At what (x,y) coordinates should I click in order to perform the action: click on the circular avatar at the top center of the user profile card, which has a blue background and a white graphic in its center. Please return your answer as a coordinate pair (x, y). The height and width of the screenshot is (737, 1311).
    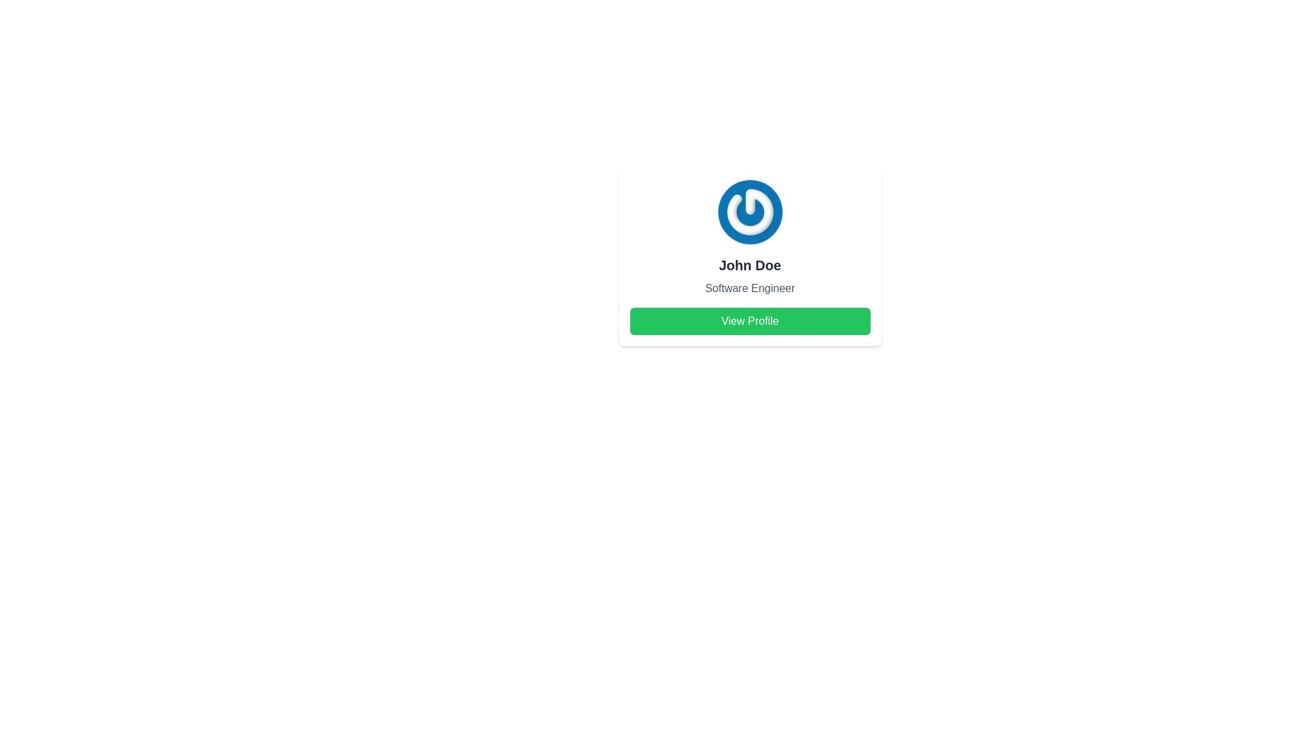
    Looking at the image, I should click on (749, 212).